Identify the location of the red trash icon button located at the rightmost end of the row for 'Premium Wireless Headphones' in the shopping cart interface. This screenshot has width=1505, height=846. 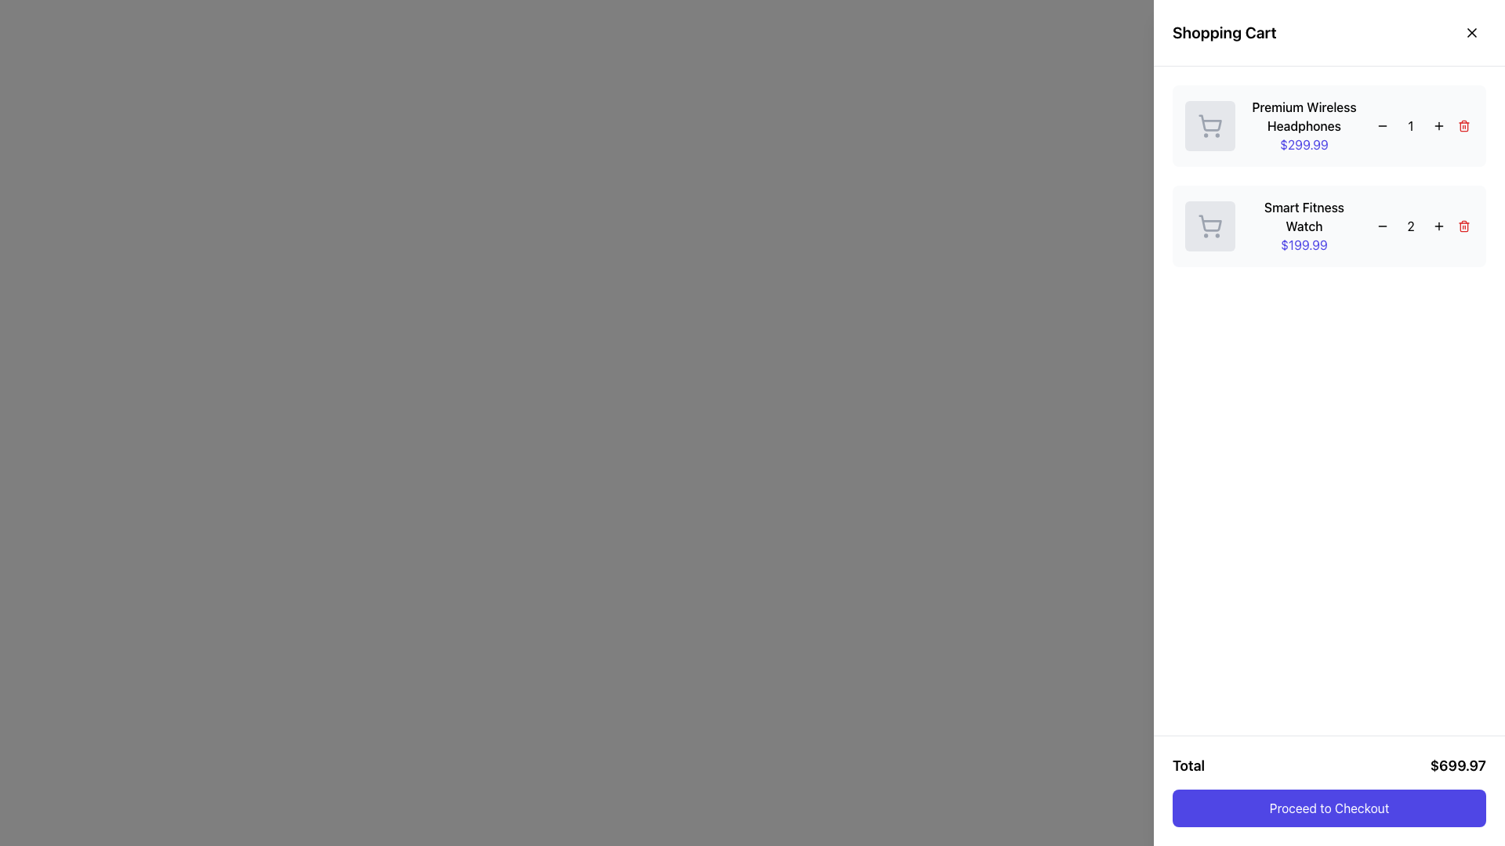
(1463, 125).